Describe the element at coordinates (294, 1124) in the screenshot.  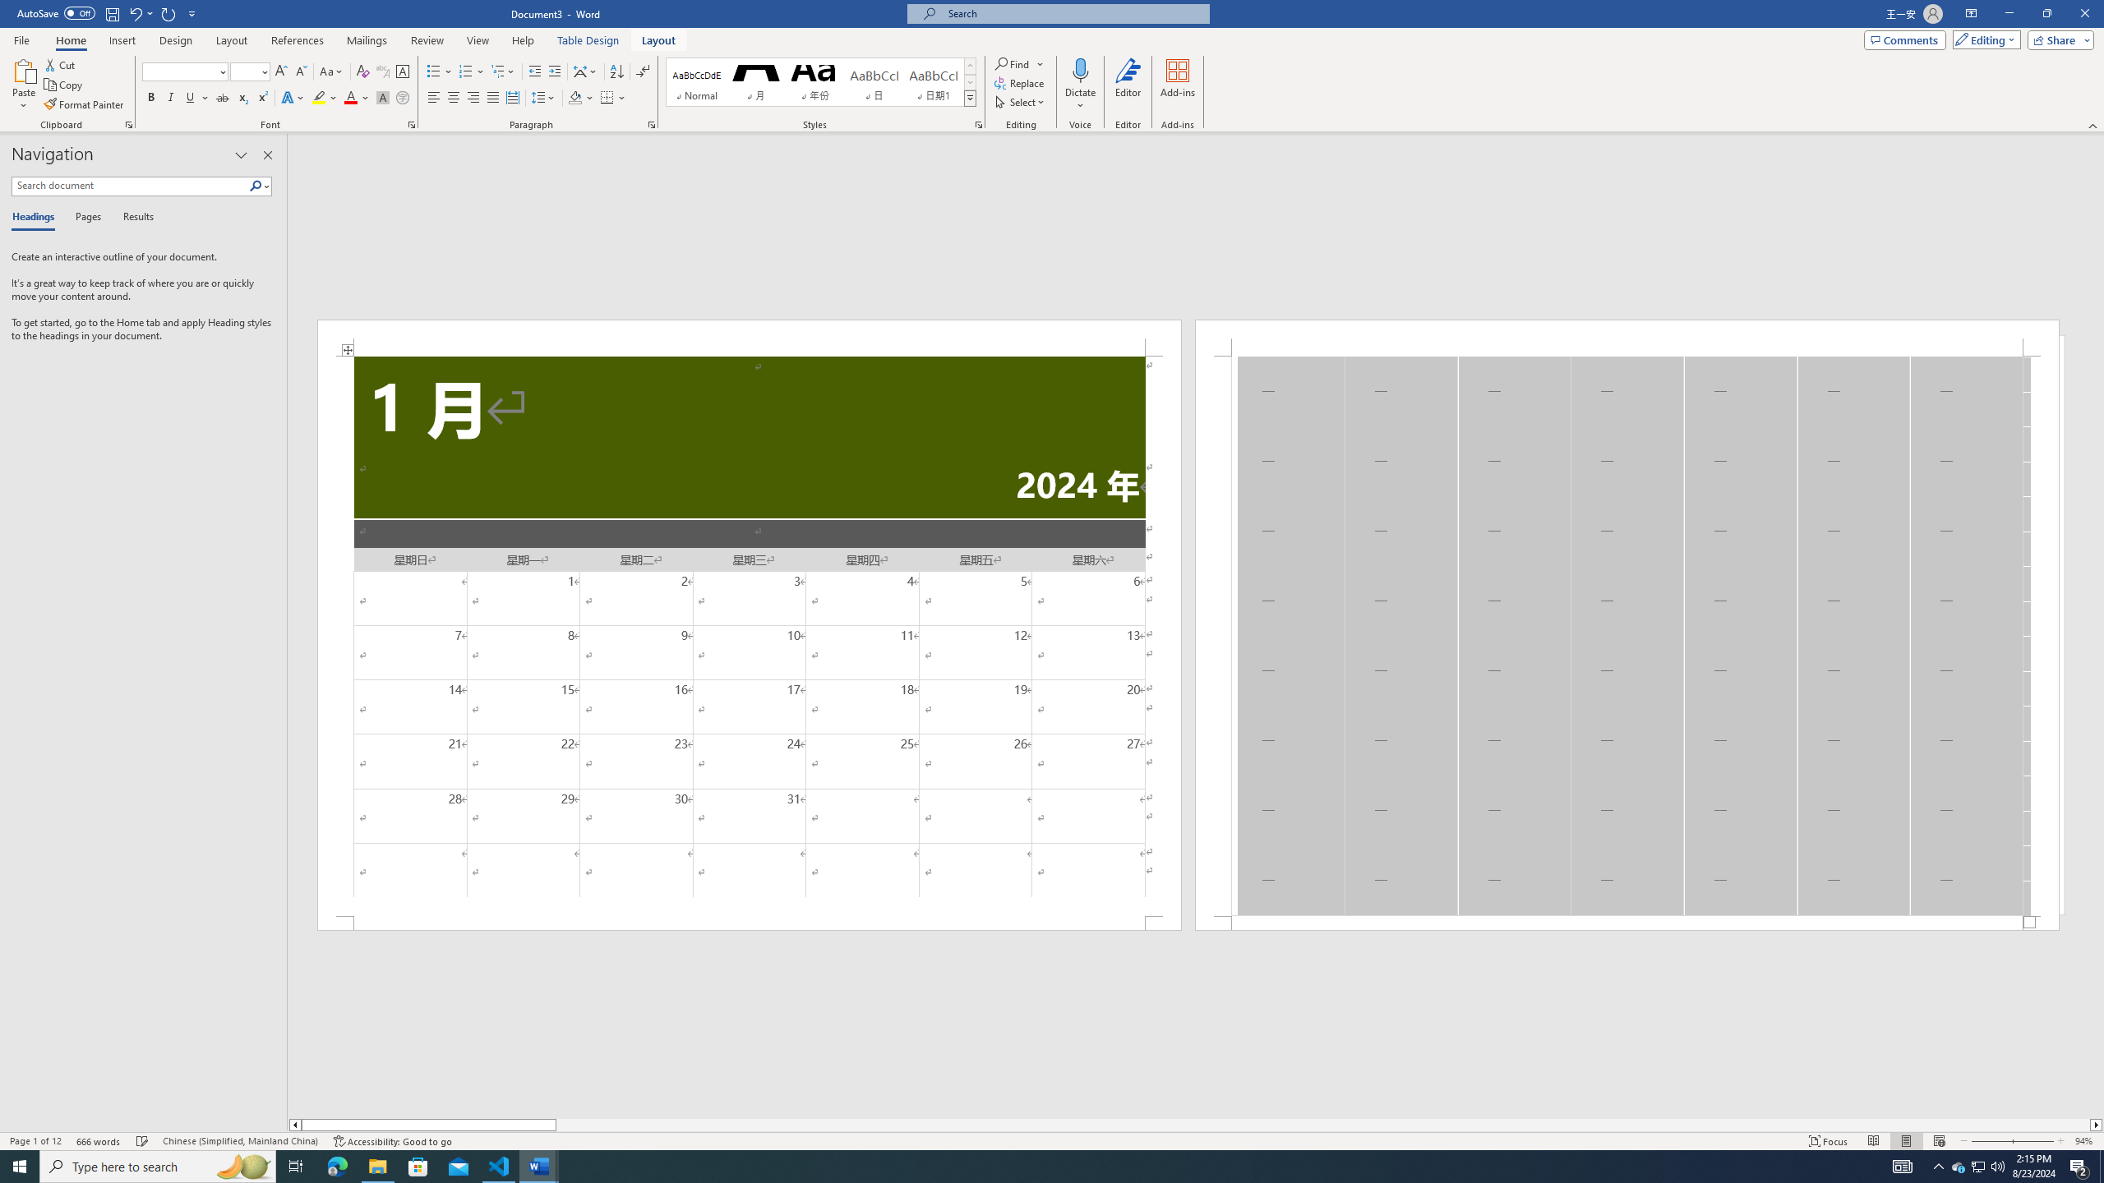
I see `'Column left'` at that location.